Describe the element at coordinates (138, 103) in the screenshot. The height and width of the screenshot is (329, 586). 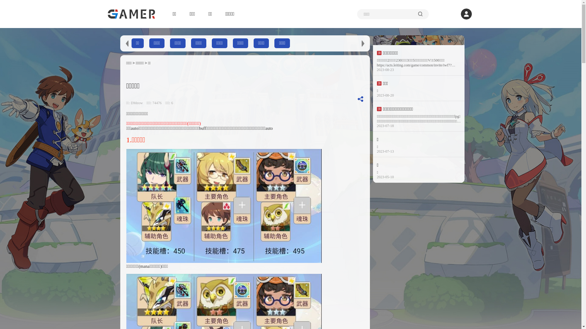
I see `'DMeow   '` at that location.